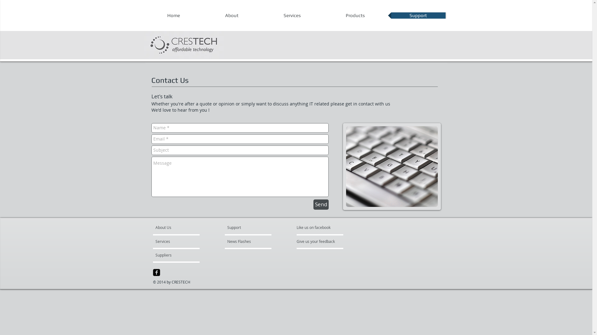  What do you see at coordinates (418, 15) in the screenshot?
I see `'Support'` at bounding box center [418, 15].